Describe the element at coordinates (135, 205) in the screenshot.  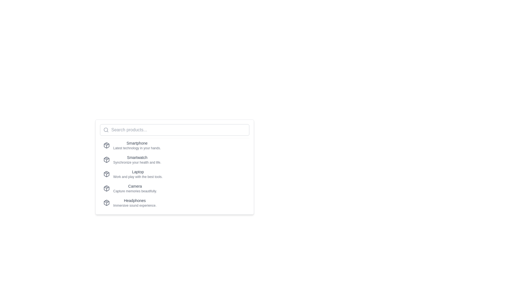
I see `the Text Label displaying 'Immersive sound experience.' located beneath the main label 'Headphones' in the vertical list of elements` at that location.